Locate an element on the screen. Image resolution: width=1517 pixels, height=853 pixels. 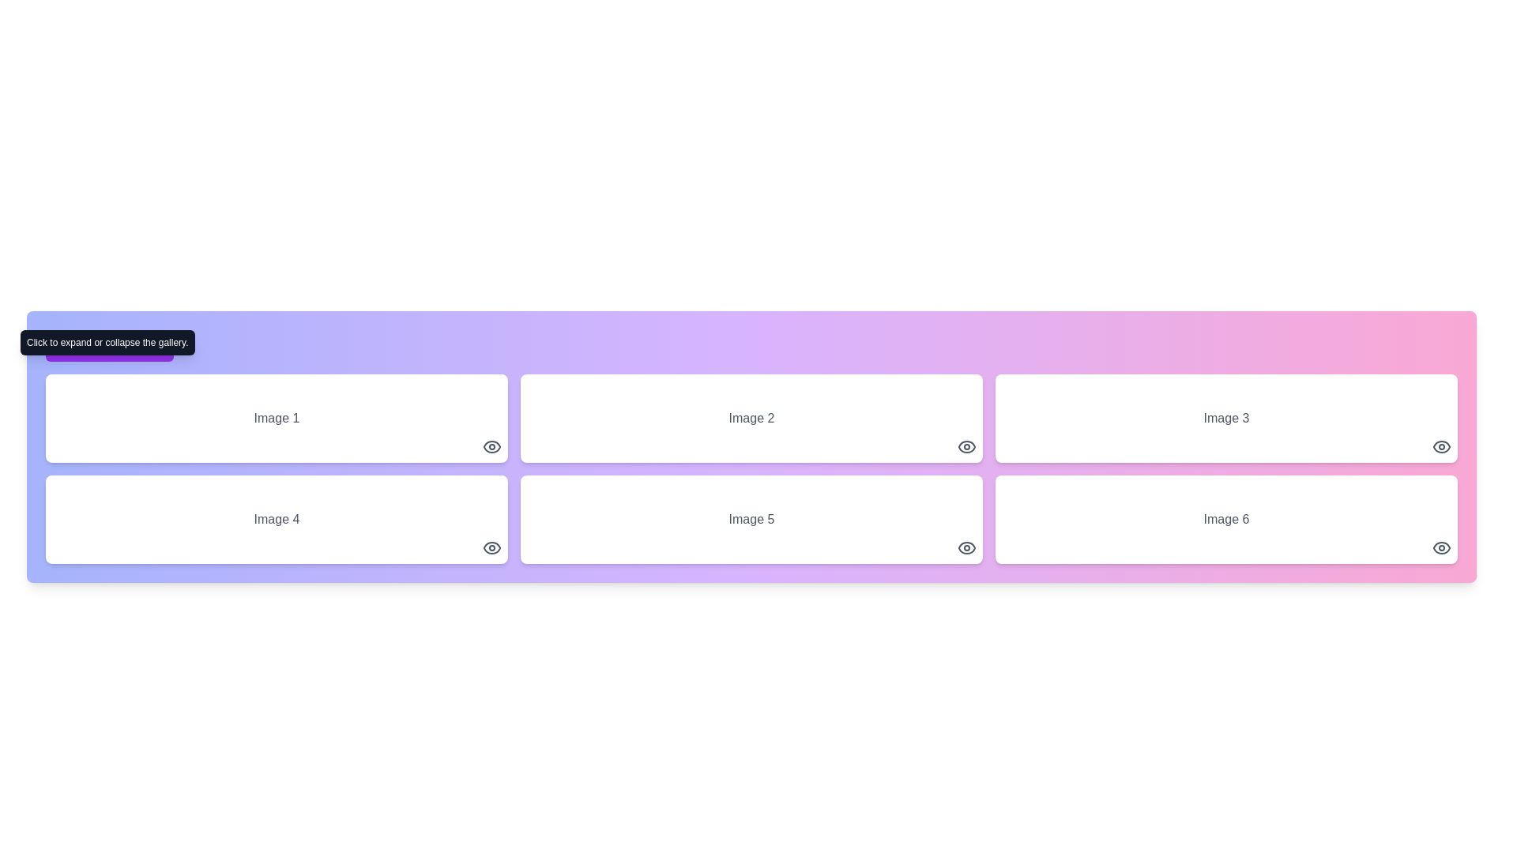
the 'Toggle Gallery' button with a purple background and rounded corners is located at coordinates (109, 345).